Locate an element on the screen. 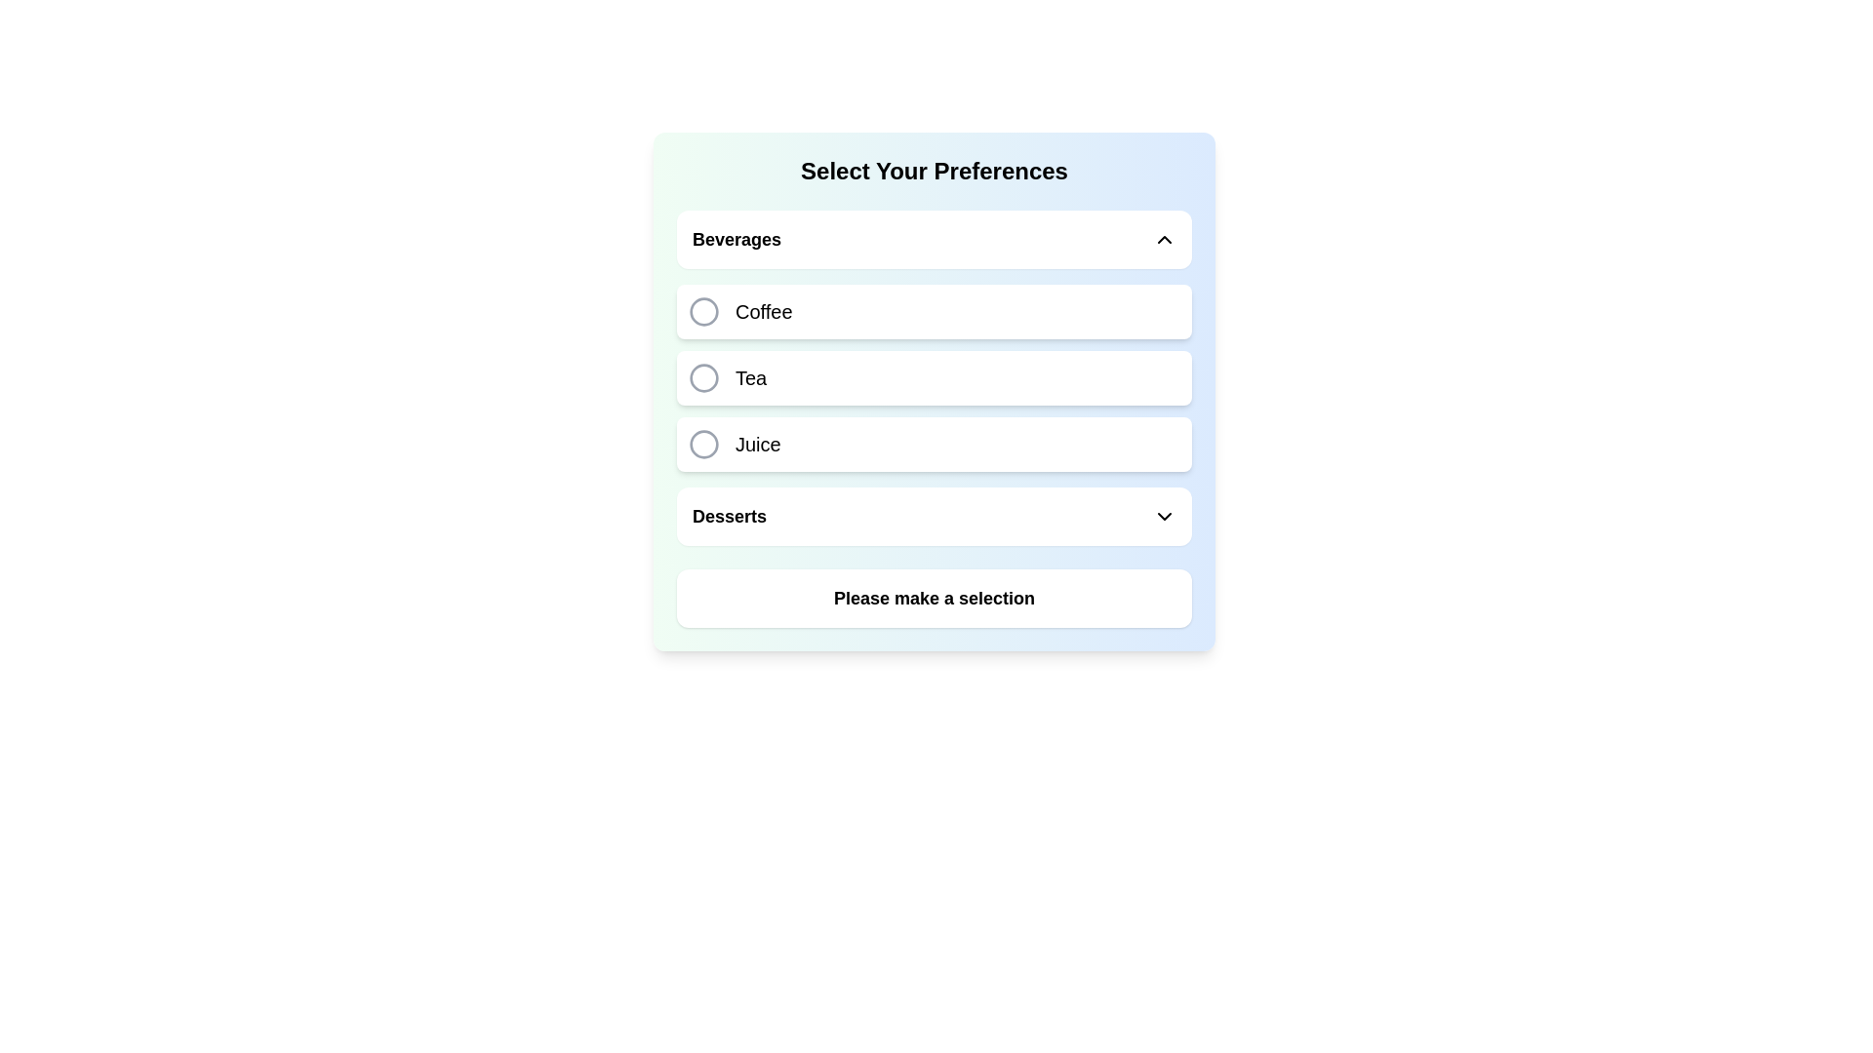 This screenshot has height=1053, width=1873. the radio button to the left of the 'Juice' label in the 'Beverages' group is located at coordinates (702, 444).